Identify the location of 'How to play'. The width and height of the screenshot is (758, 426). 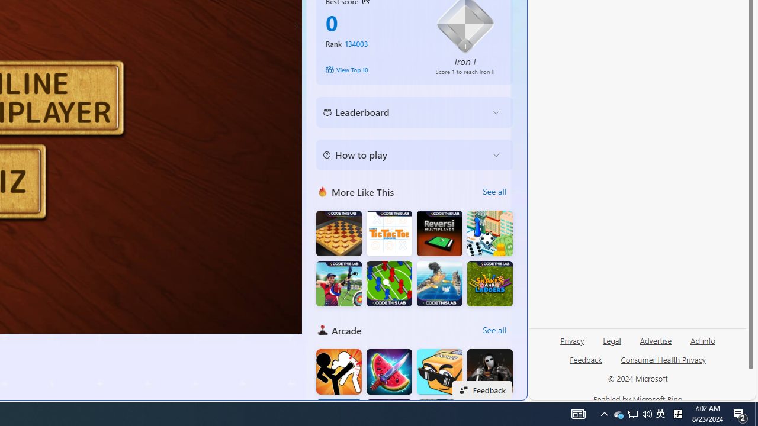
(405, 154).